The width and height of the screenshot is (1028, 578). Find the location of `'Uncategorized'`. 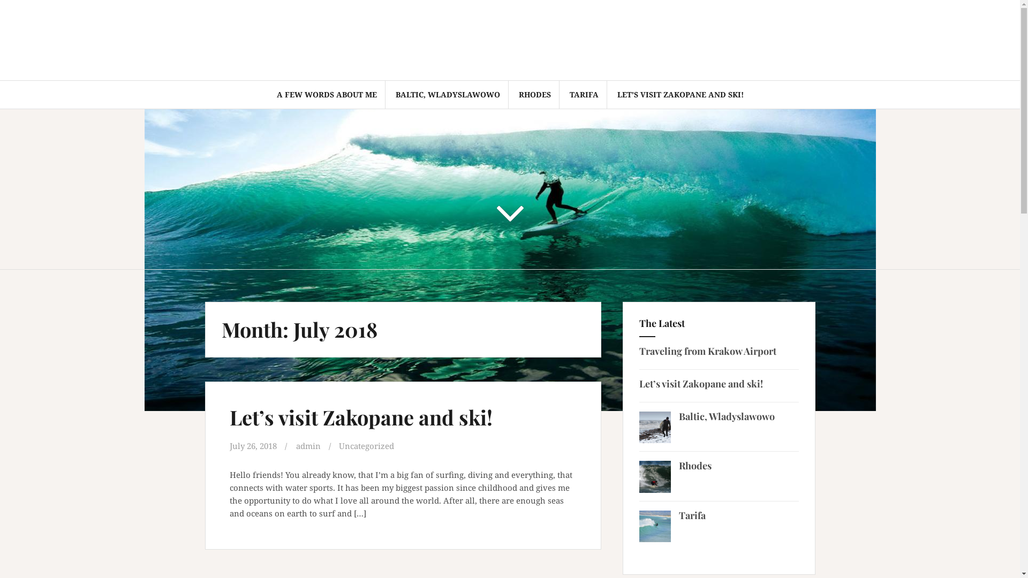

'Uncategorized' is located at coordinates (338, 446).